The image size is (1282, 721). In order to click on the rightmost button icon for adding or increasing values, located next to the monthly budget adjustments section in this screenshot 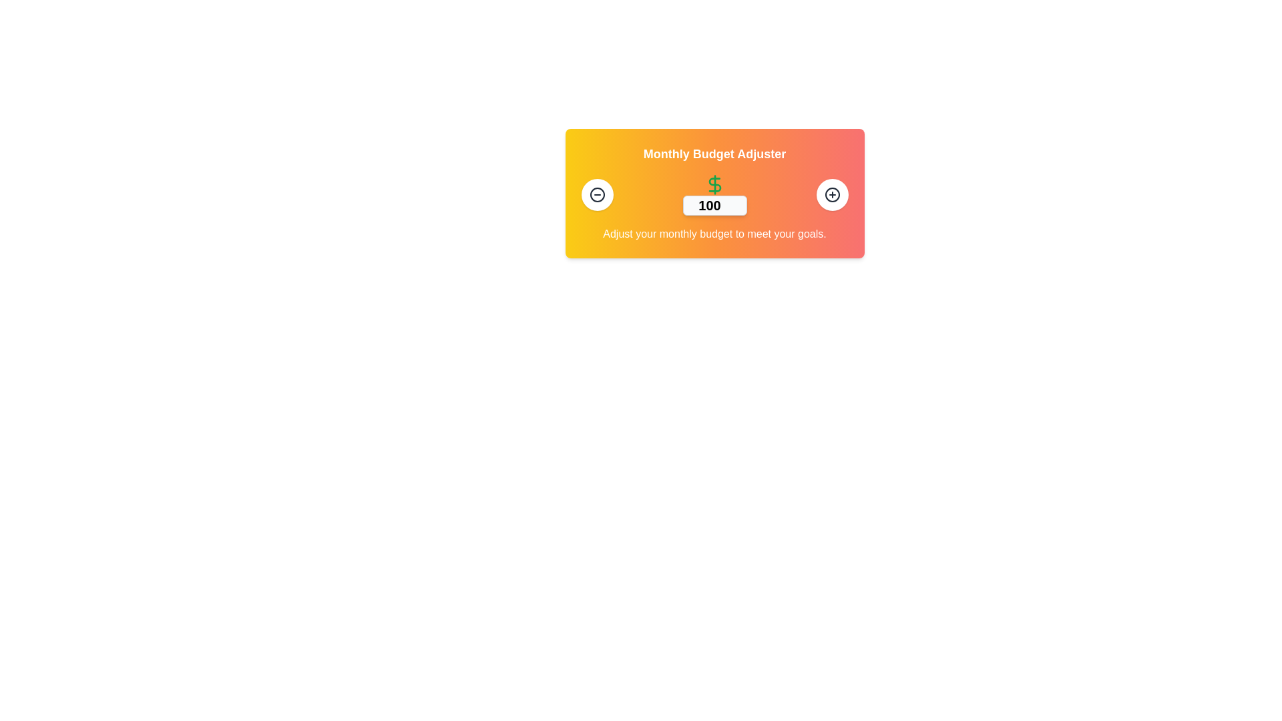, I will do `click(831, 195)`.